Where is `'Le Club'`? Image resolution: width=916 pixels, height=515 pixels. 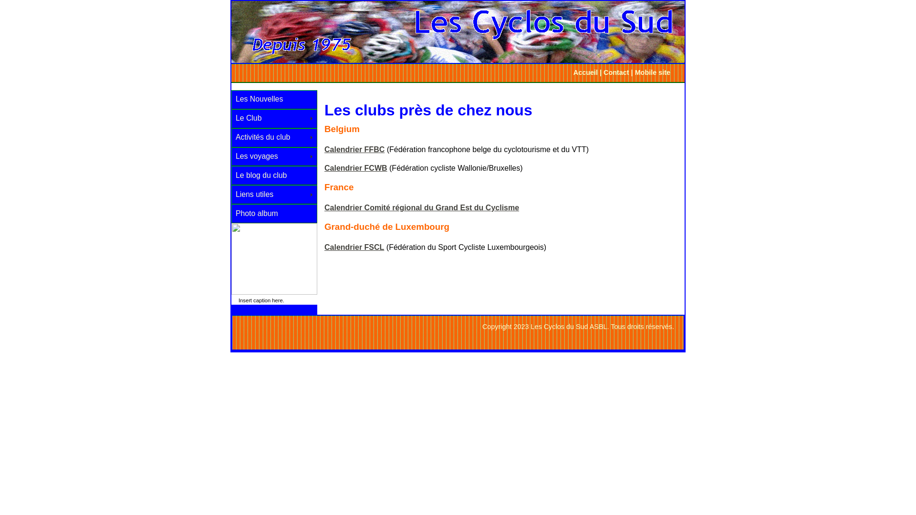
'Le Club' is located at coordinates (231, 118).